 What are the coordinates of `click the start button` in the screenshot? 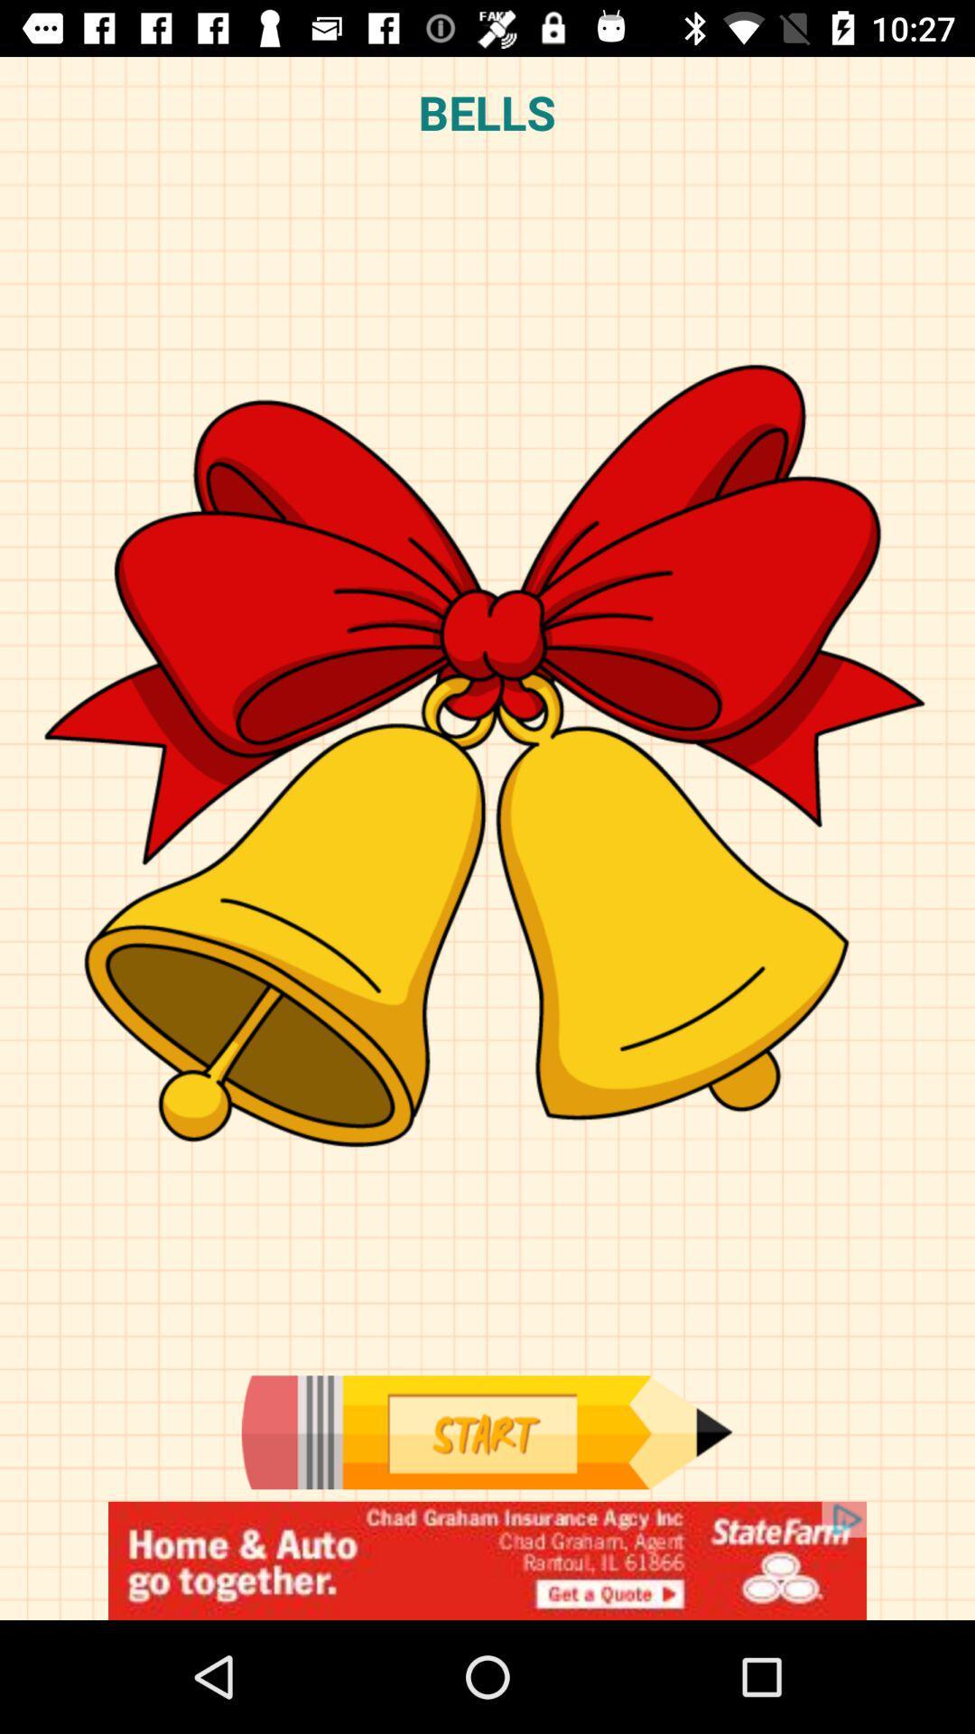 It's located at (486, 1431).